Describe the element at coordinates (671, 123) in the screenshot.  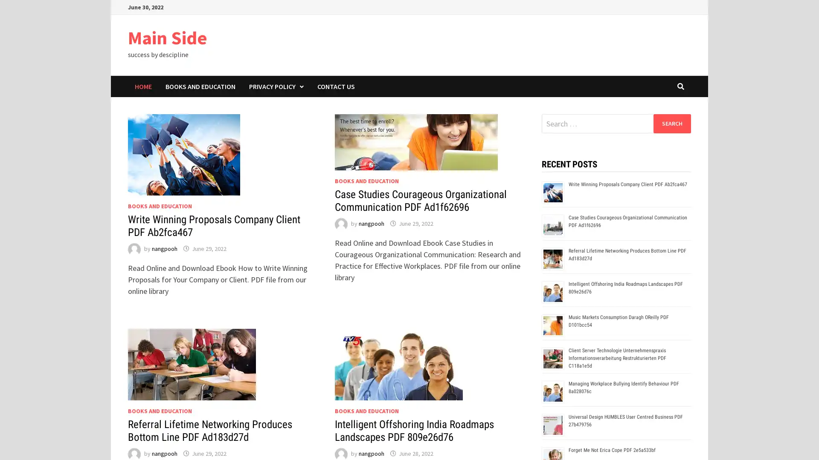
I see `Search` at that location.